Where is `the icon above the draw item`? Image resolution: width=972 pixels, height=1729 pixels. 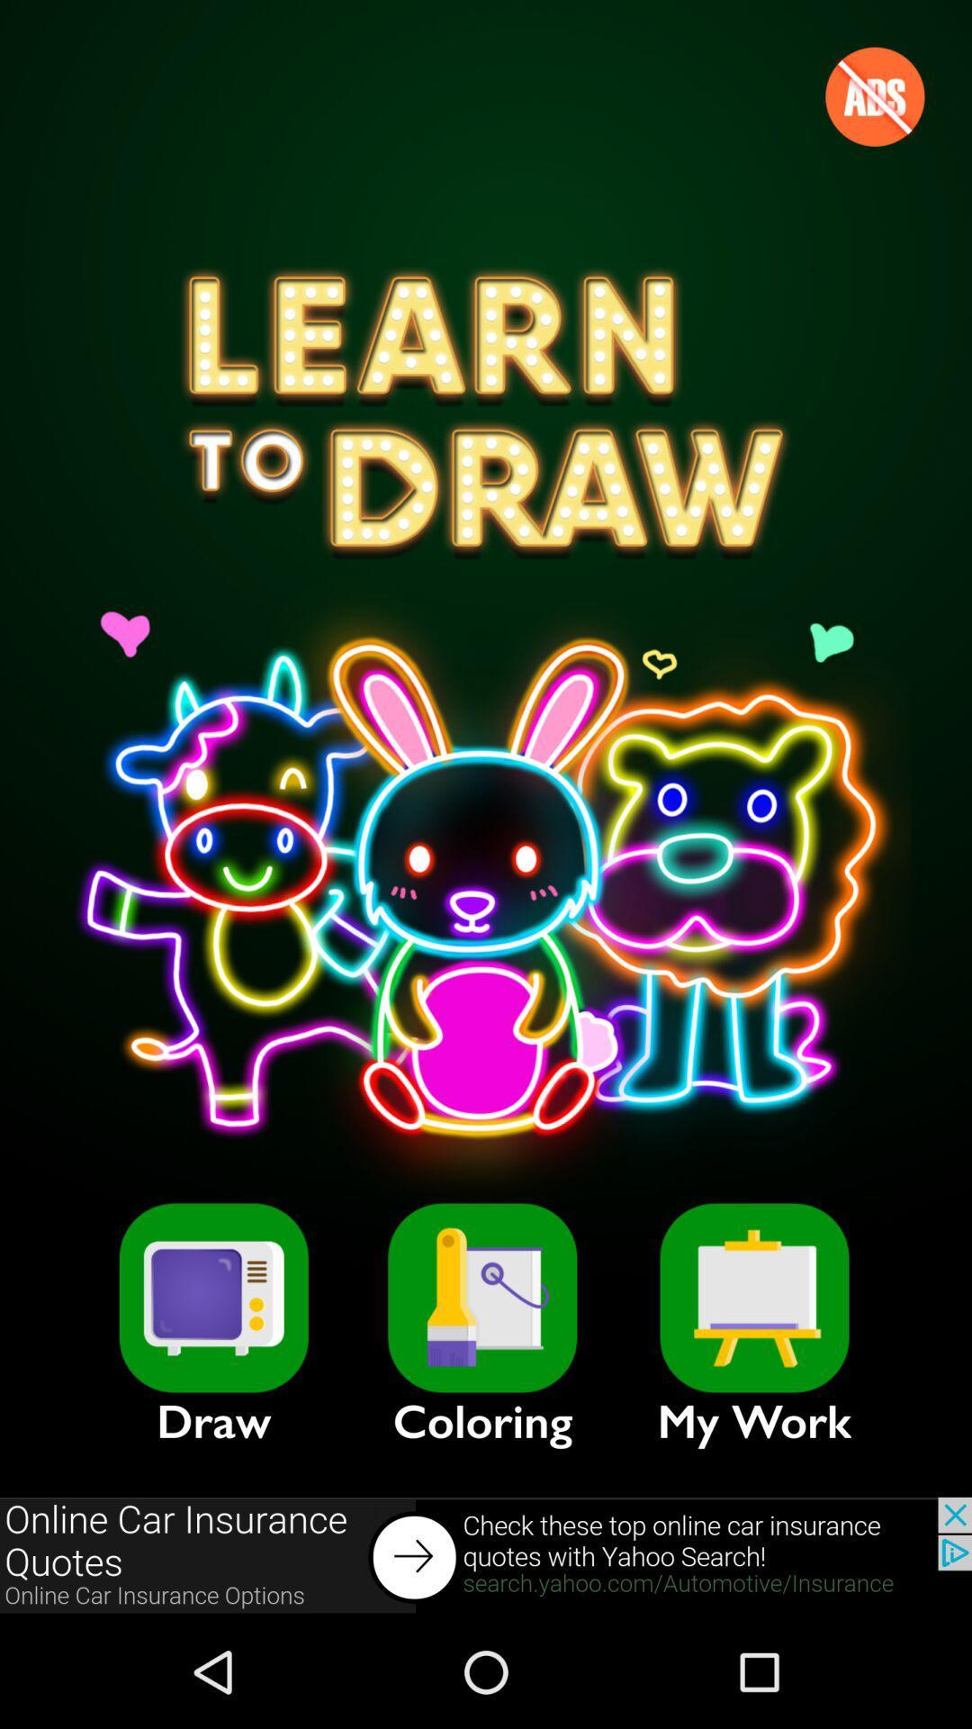 the icon above the draw item is located at coordinates (212, 1298).